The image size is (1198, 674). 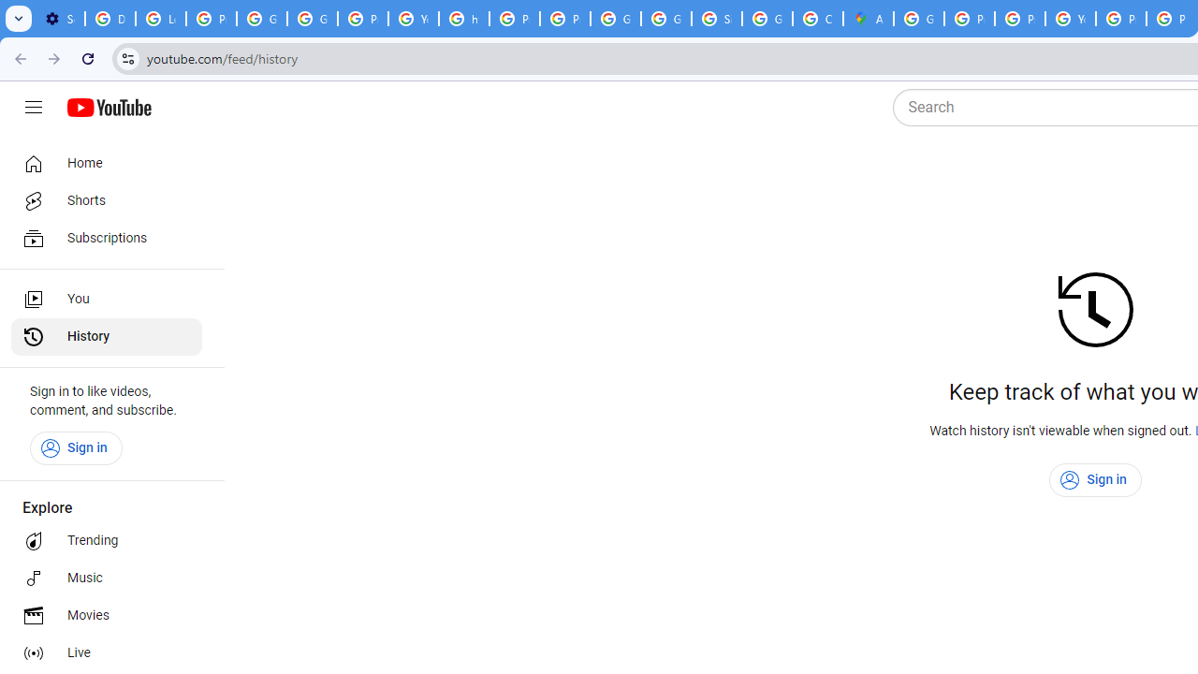 What do you see at coordinates (33, 108) in the screenshot?
I see `'Guide'` at bounding box center [33, 108].